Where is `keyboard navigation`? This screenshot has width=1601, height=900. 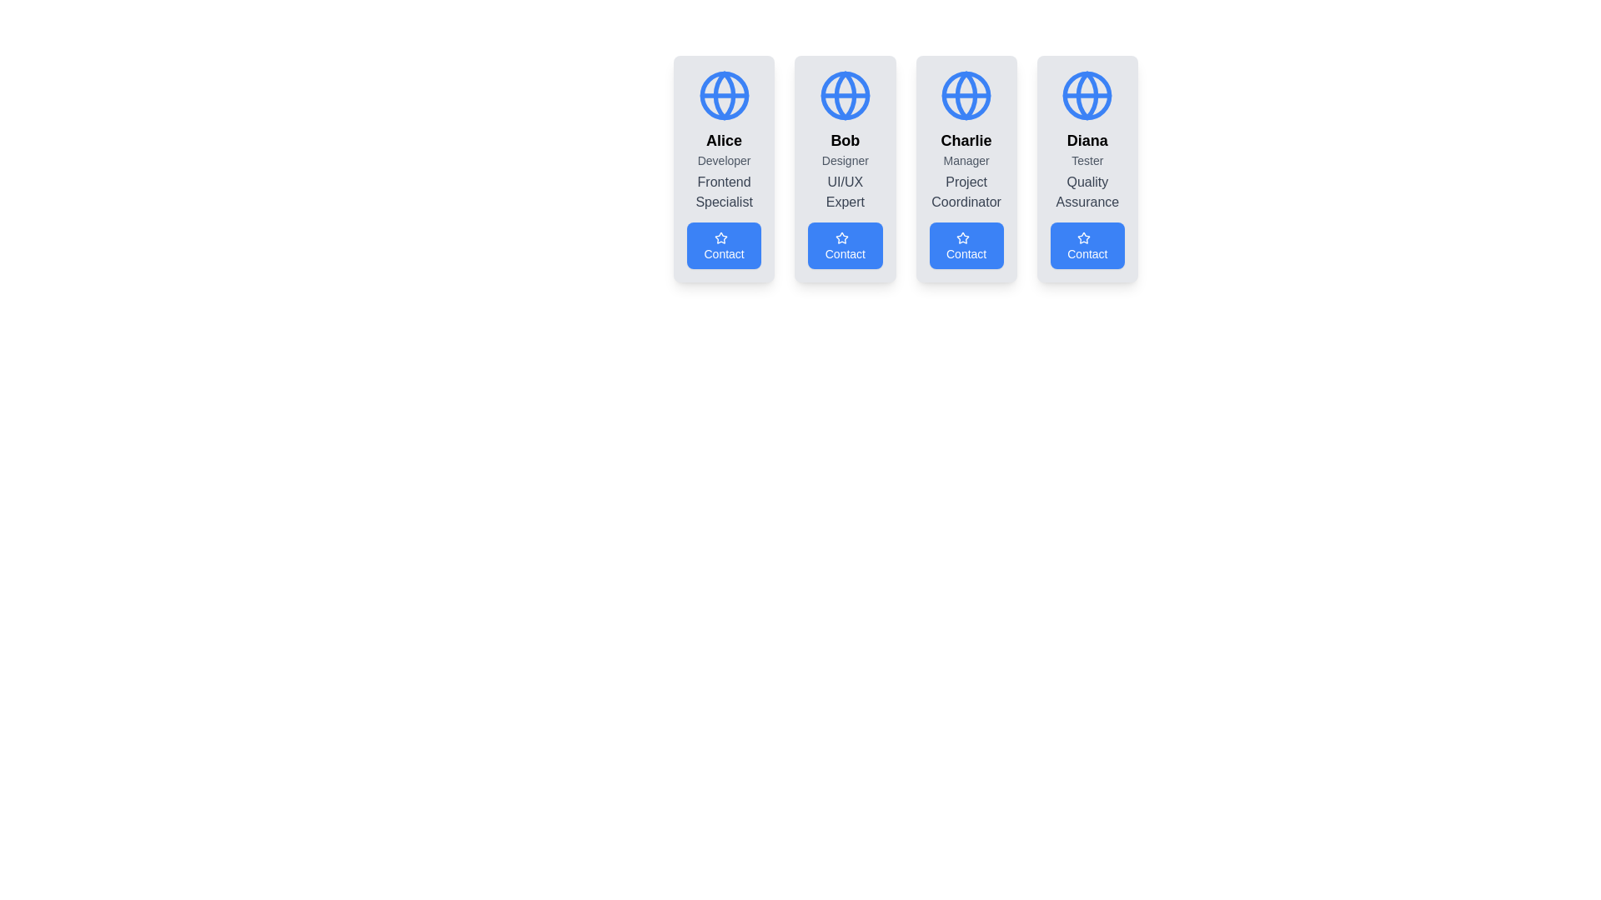
keyboard navigation is located at coordinates (724, 245).